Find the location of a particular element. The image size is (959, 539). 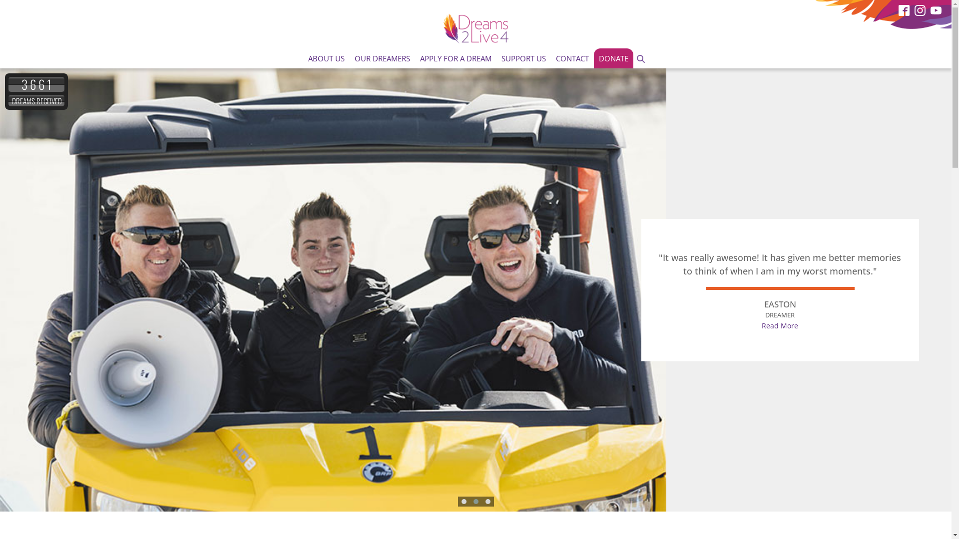

'SUPPORT US' is located at coordinates (523, 58).